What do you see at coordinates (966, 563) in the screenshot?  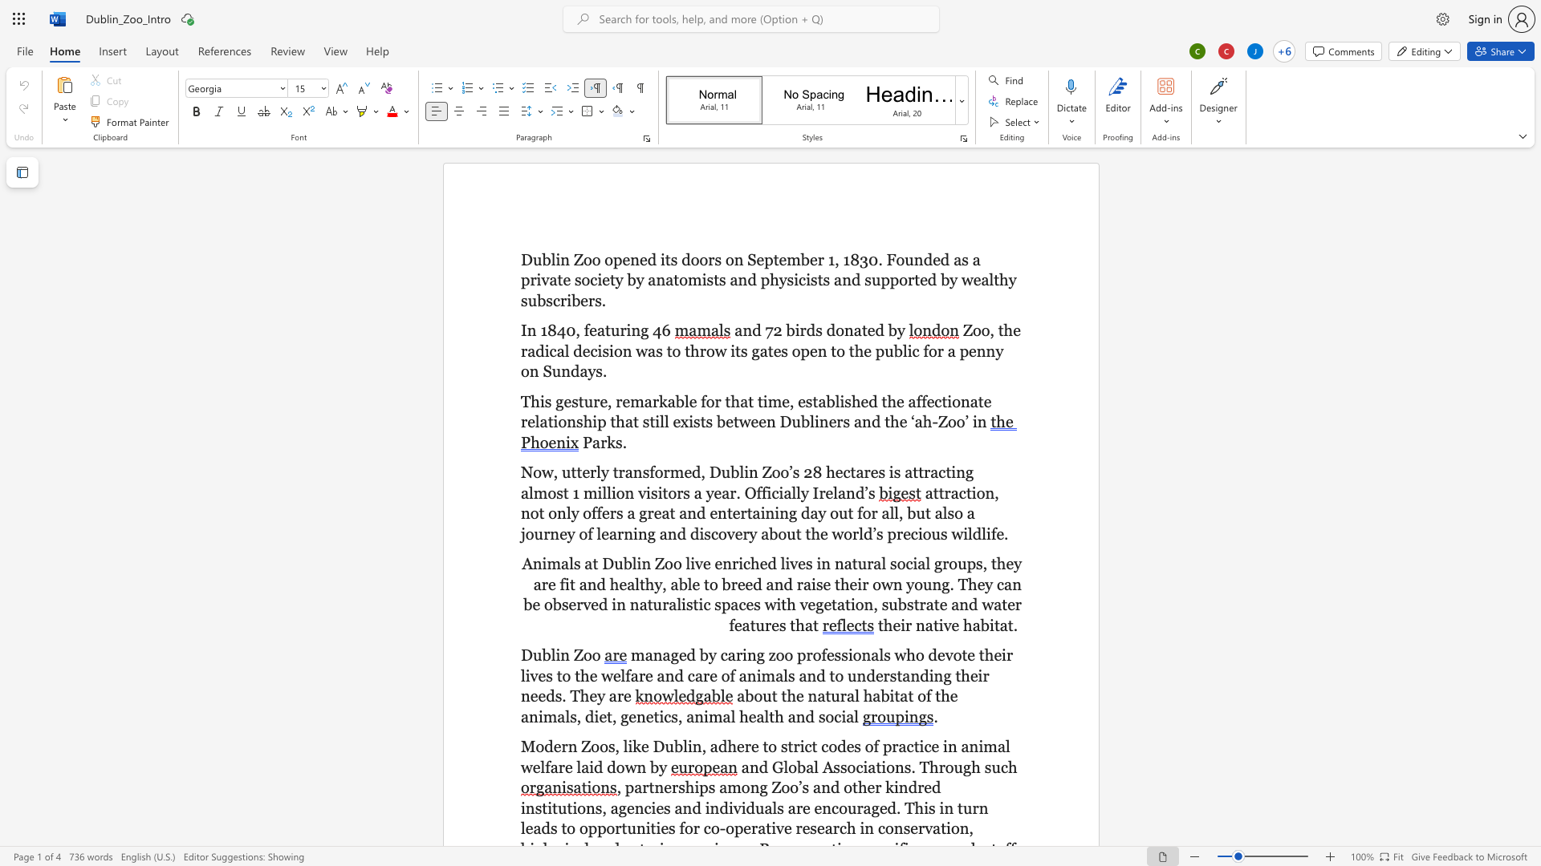 I see `the space between the continuous character "u" and "p" in the text` at bounding box center [966, 563].